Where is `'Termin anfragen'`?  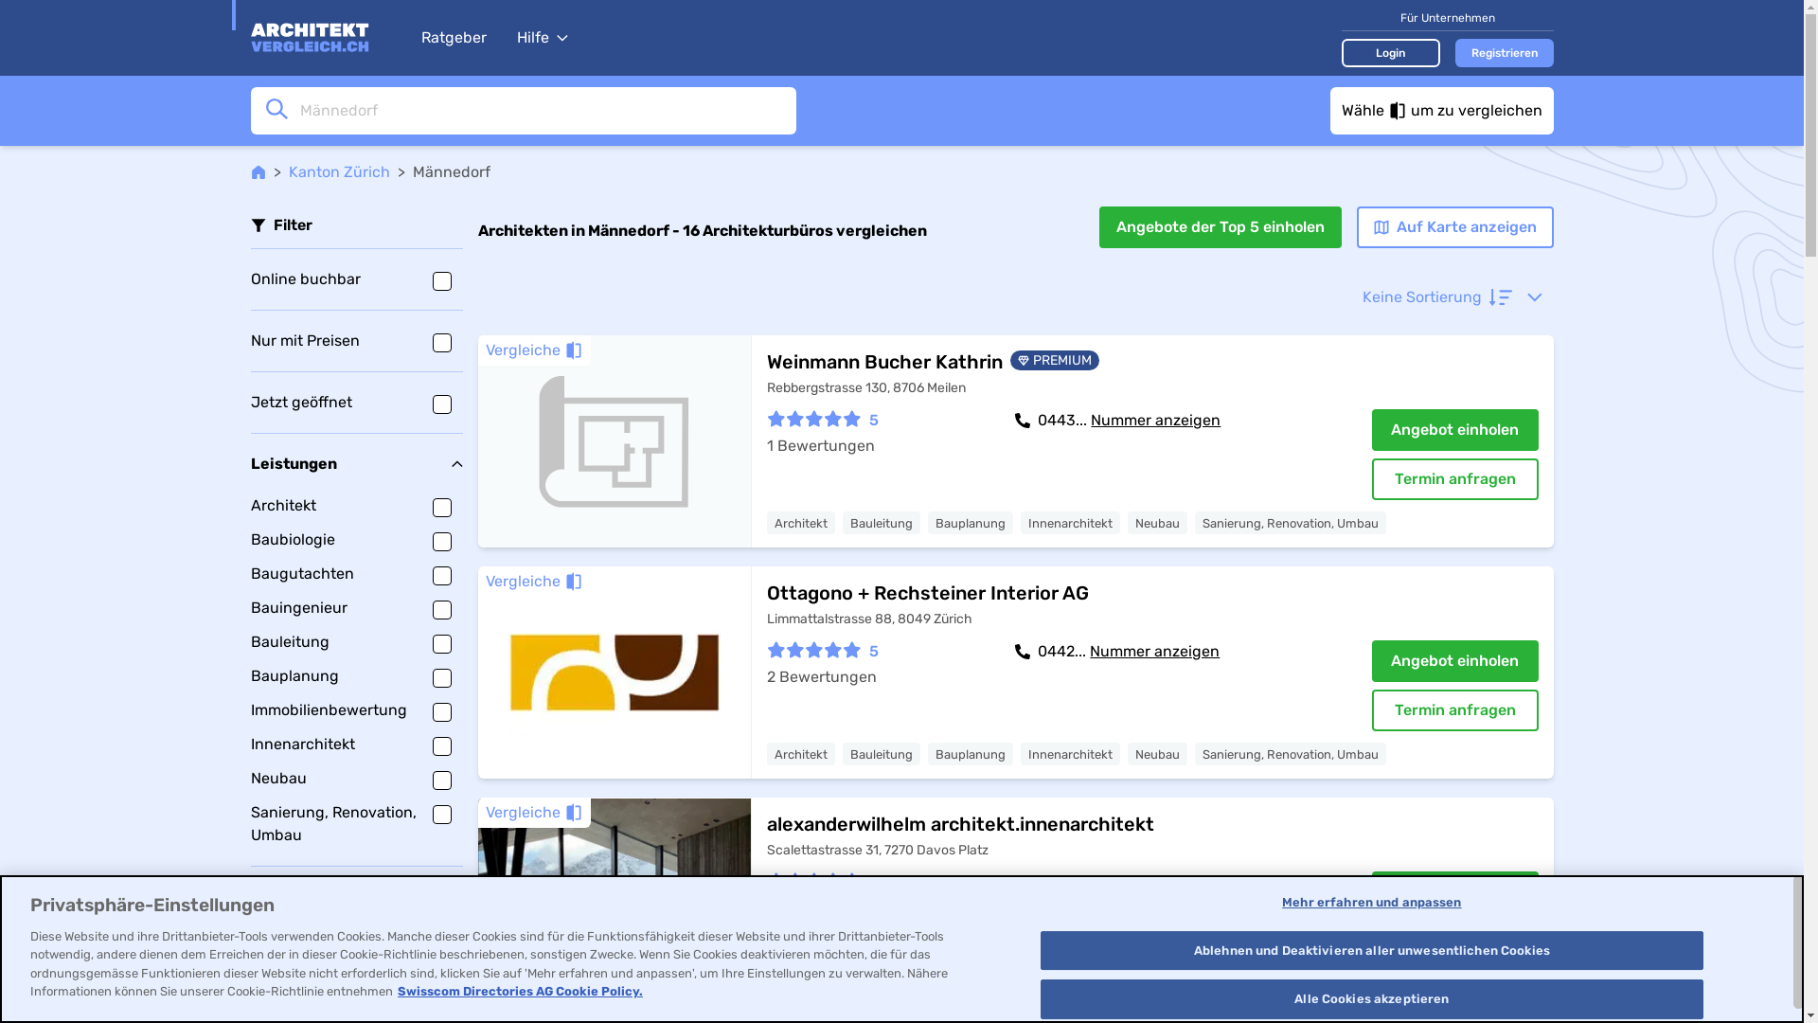
'Termin anfragen' is located at coordinates (1453, 477).